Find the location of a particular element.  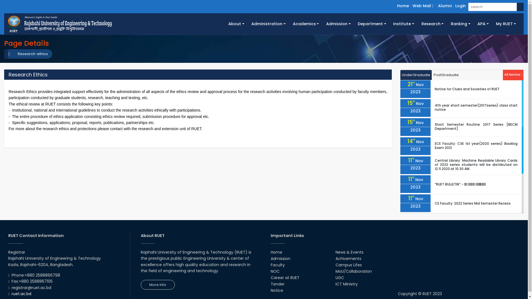

'Faculty' is located at coordinates (277, 264).